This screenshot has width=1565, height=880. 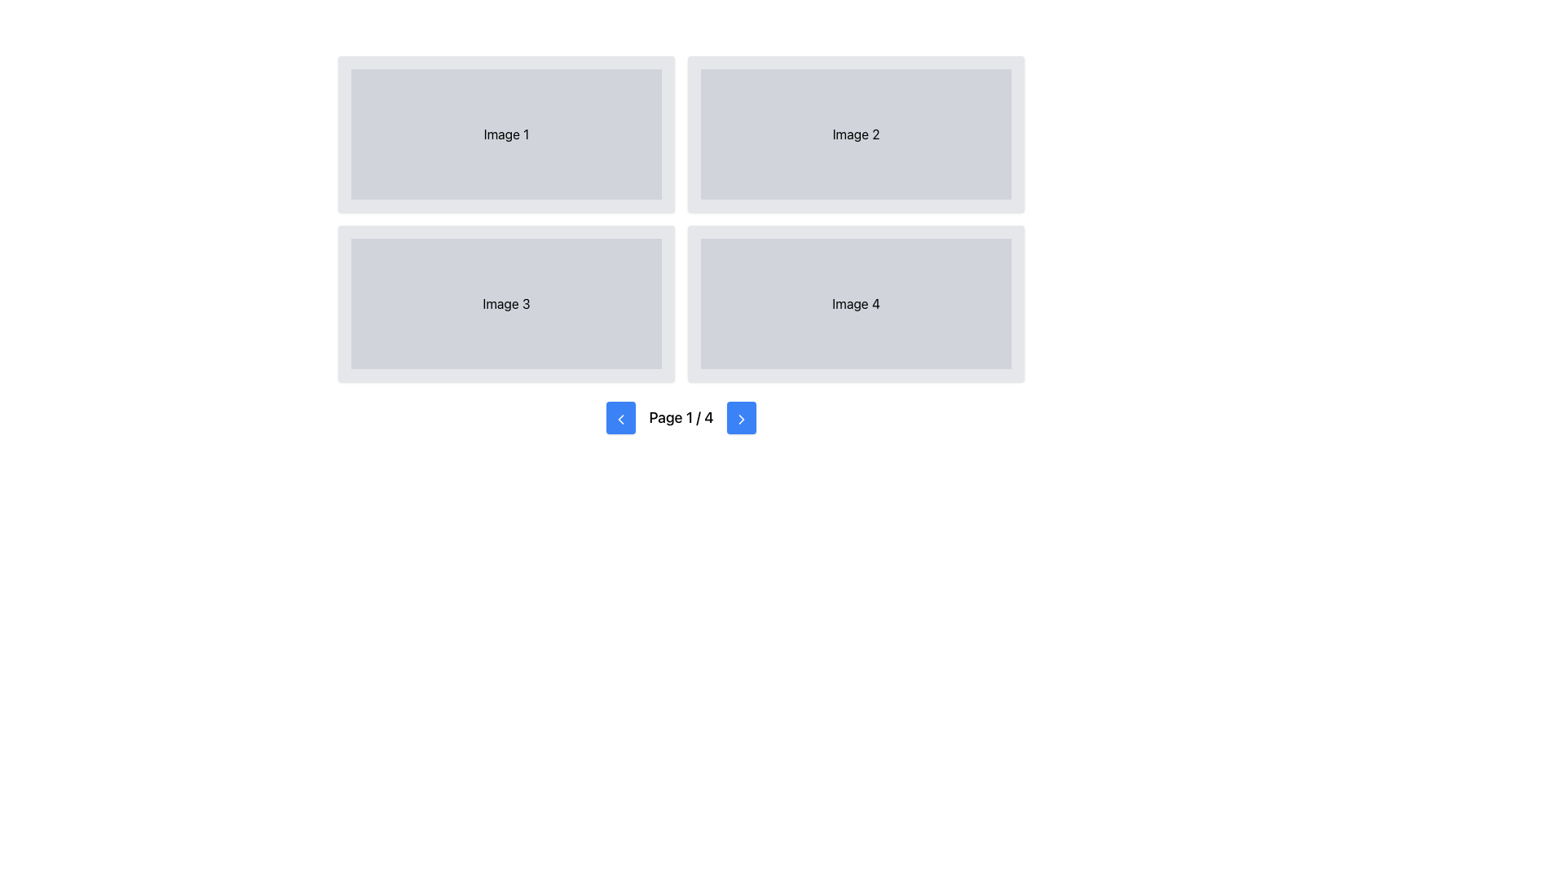 I want to click on the rectangular card with a light gray background and centered black text reading 'Image 4', located in the second row, second column of a grid layout, so click(x=855, y=304).